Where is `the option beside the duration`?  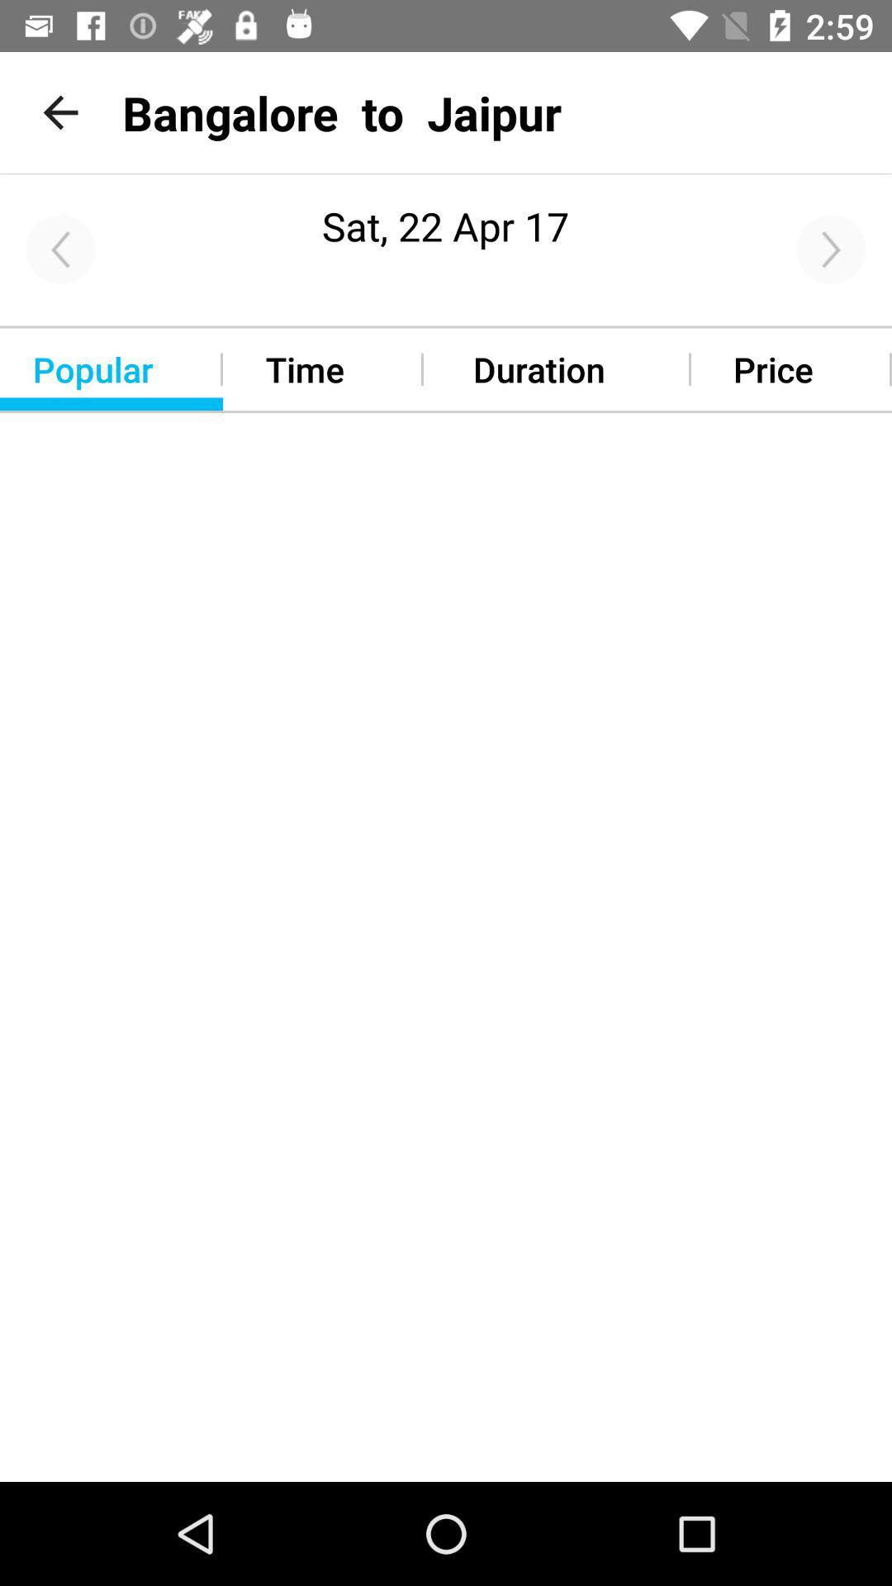
the option beside the duration is located at coordinates (790, 368).